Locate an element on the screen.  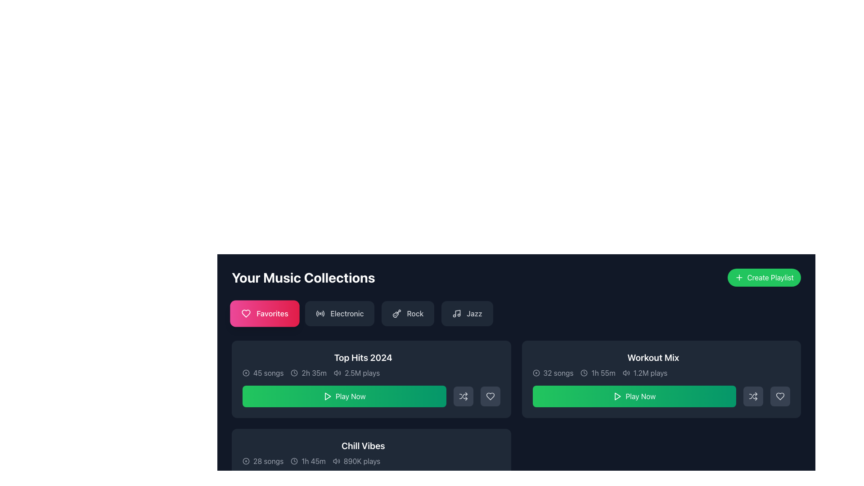
the heart-shaped non-filled icon located at the bottom right of the 'Workout Mix' card is located at coordinates (490, 396).